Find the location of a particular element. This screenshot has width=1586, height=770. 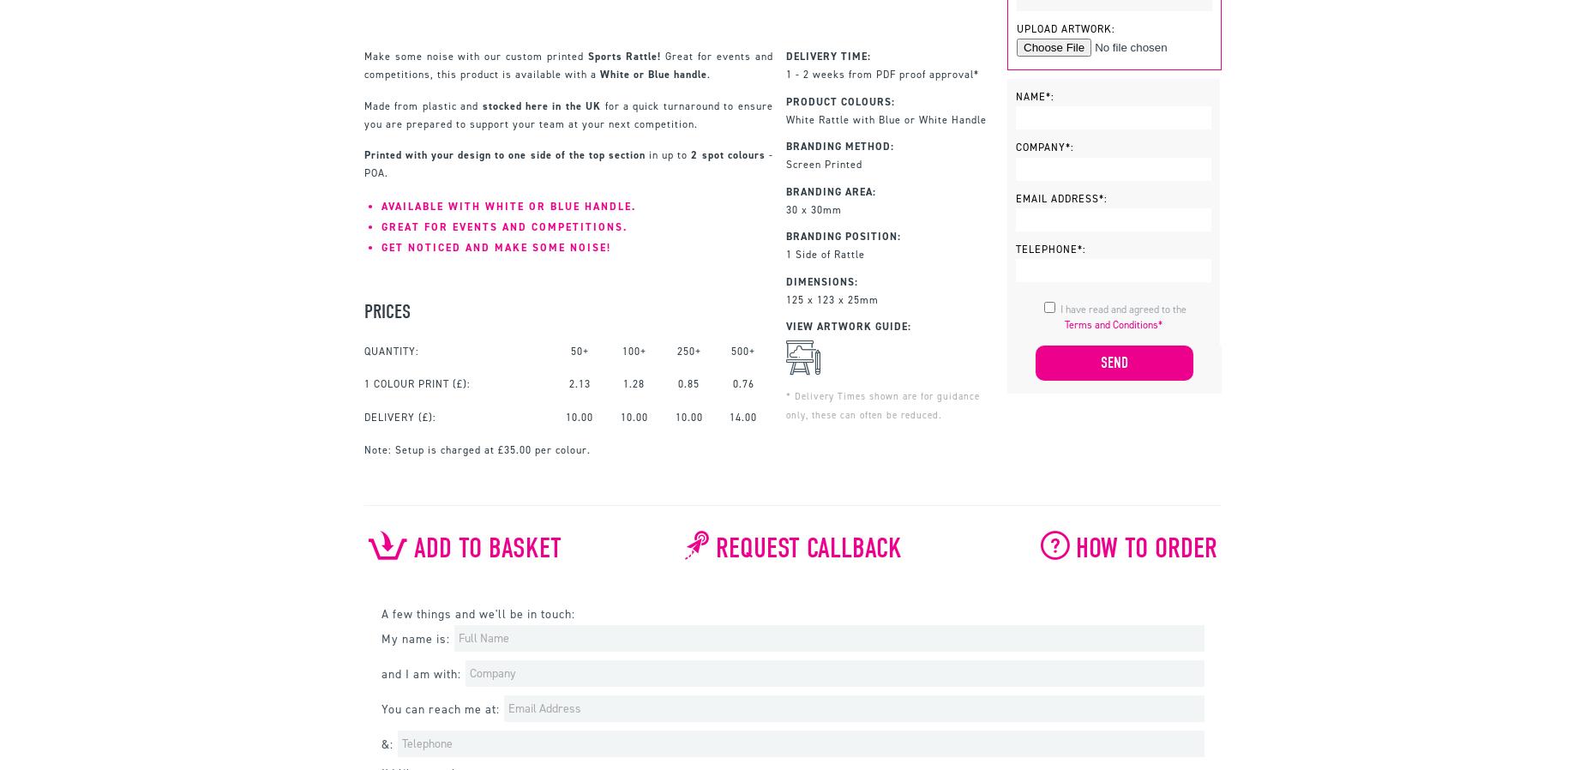

'2.13' is located at coordinates (579, 384).